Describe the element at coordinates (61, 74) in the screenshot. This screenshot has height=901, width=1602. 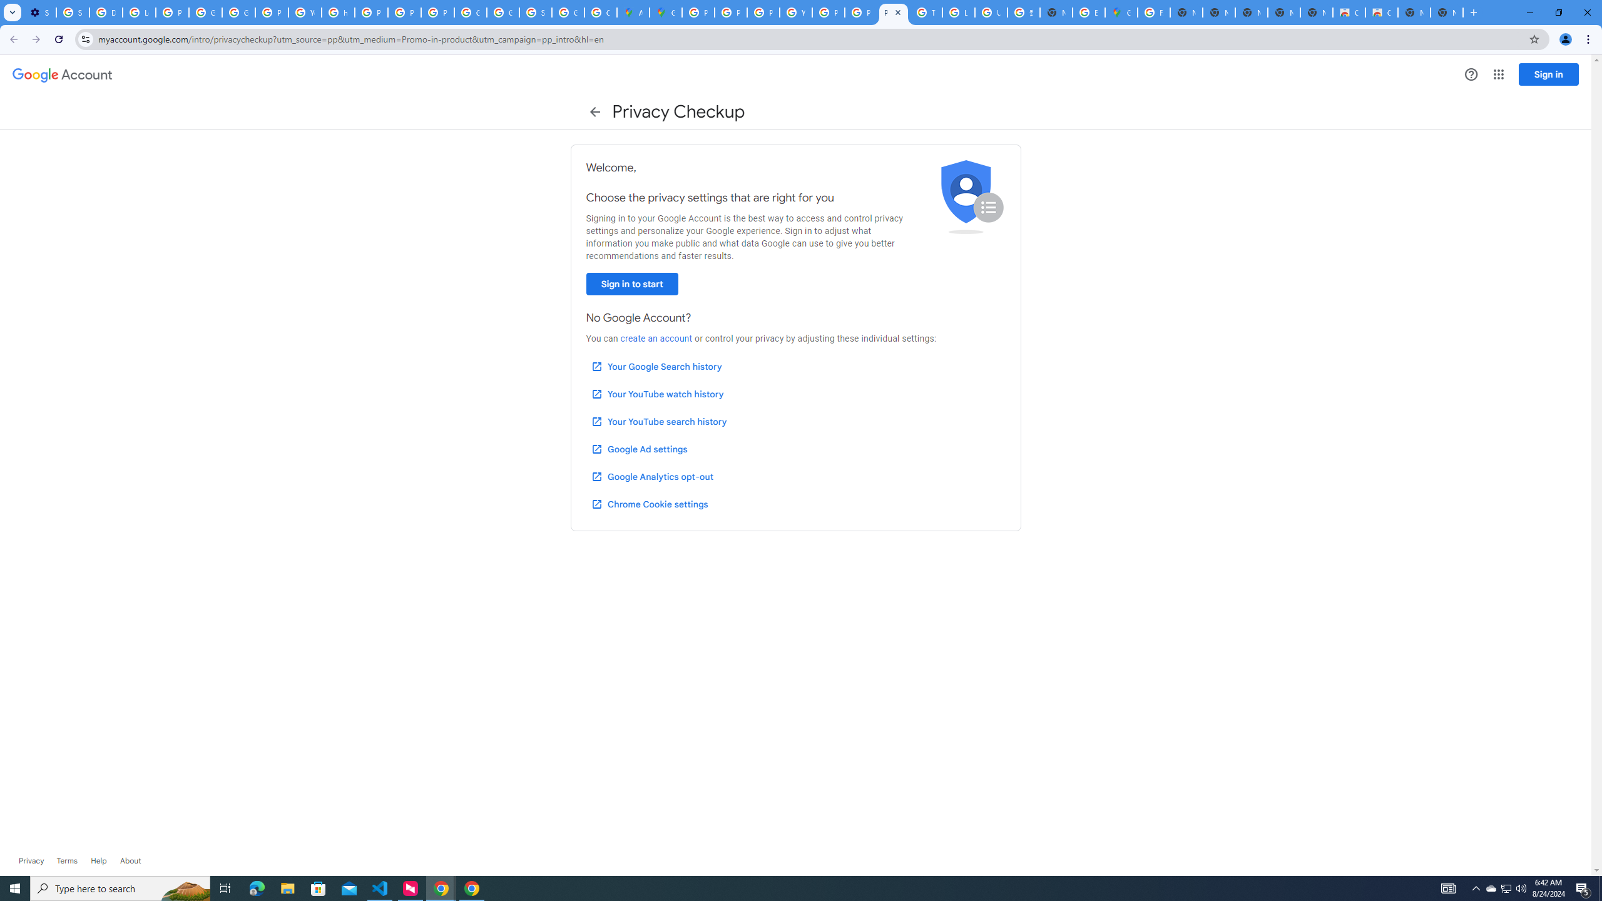
I see `'Google Account settings'` at that location.